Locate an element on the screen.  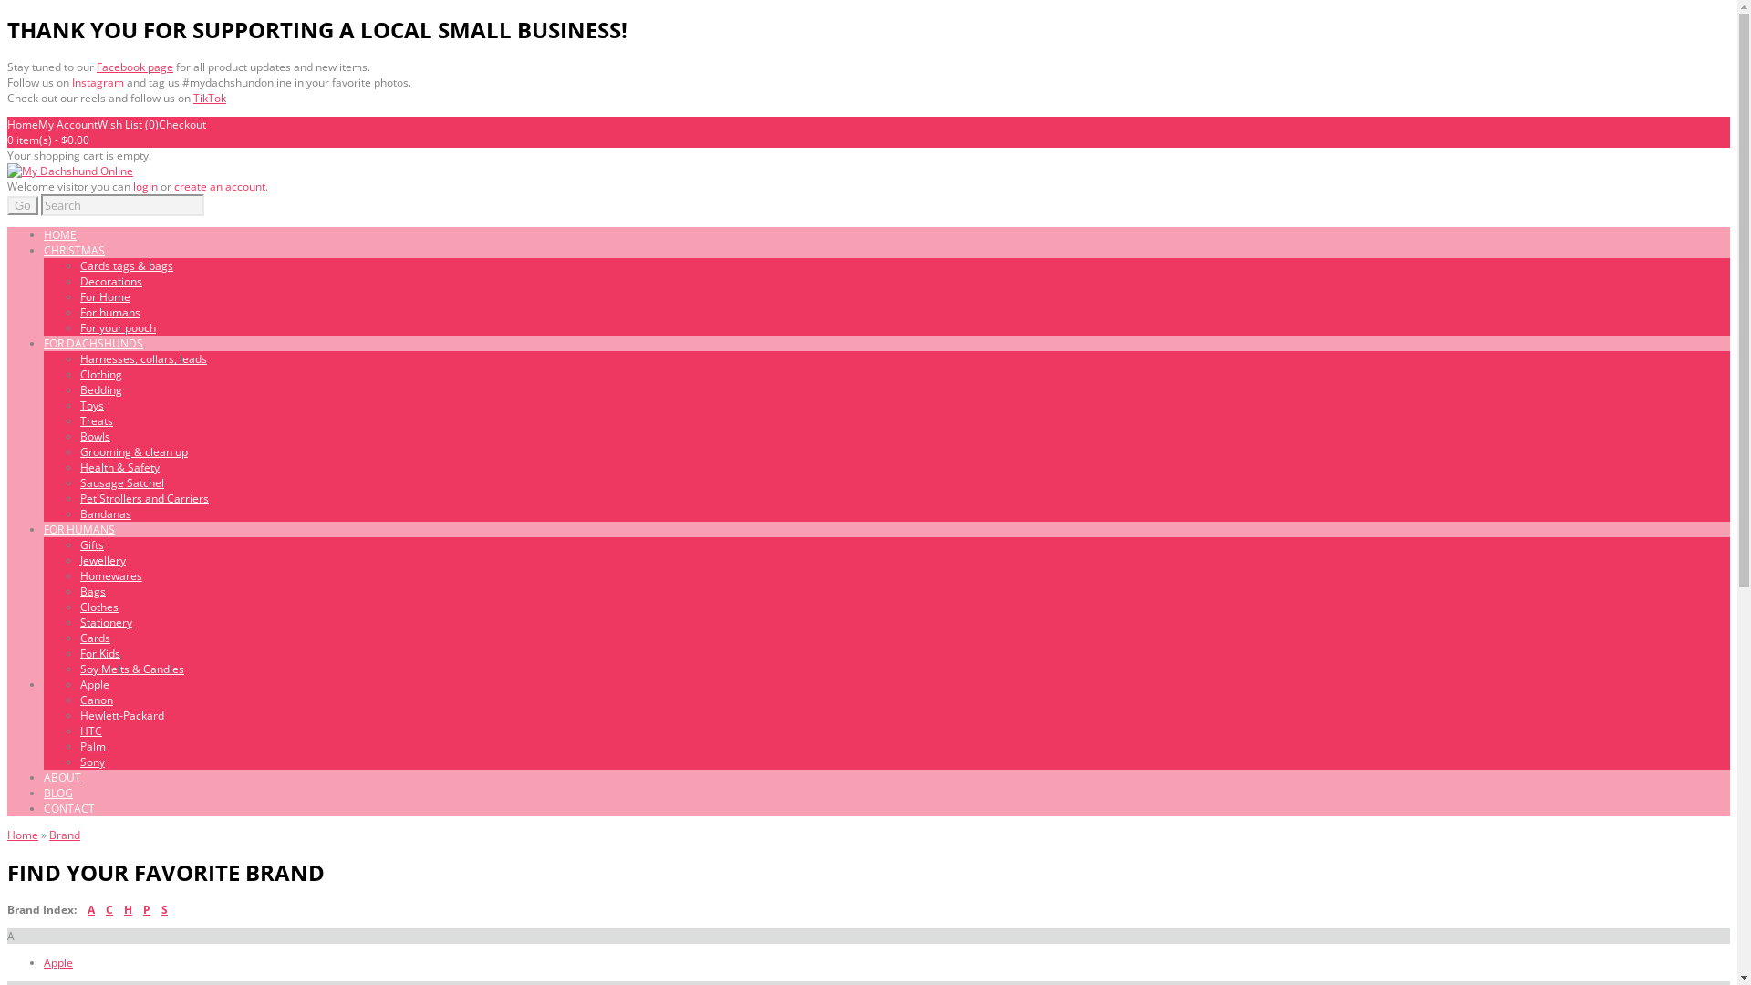
'Stationery' is located at coordinates (105, 621).